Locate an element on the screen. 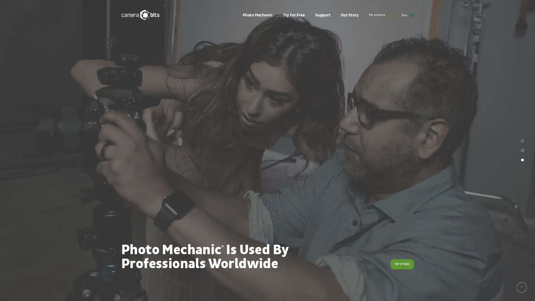 The image size is (535, 301). 1 is located at coordinates (522, 140).